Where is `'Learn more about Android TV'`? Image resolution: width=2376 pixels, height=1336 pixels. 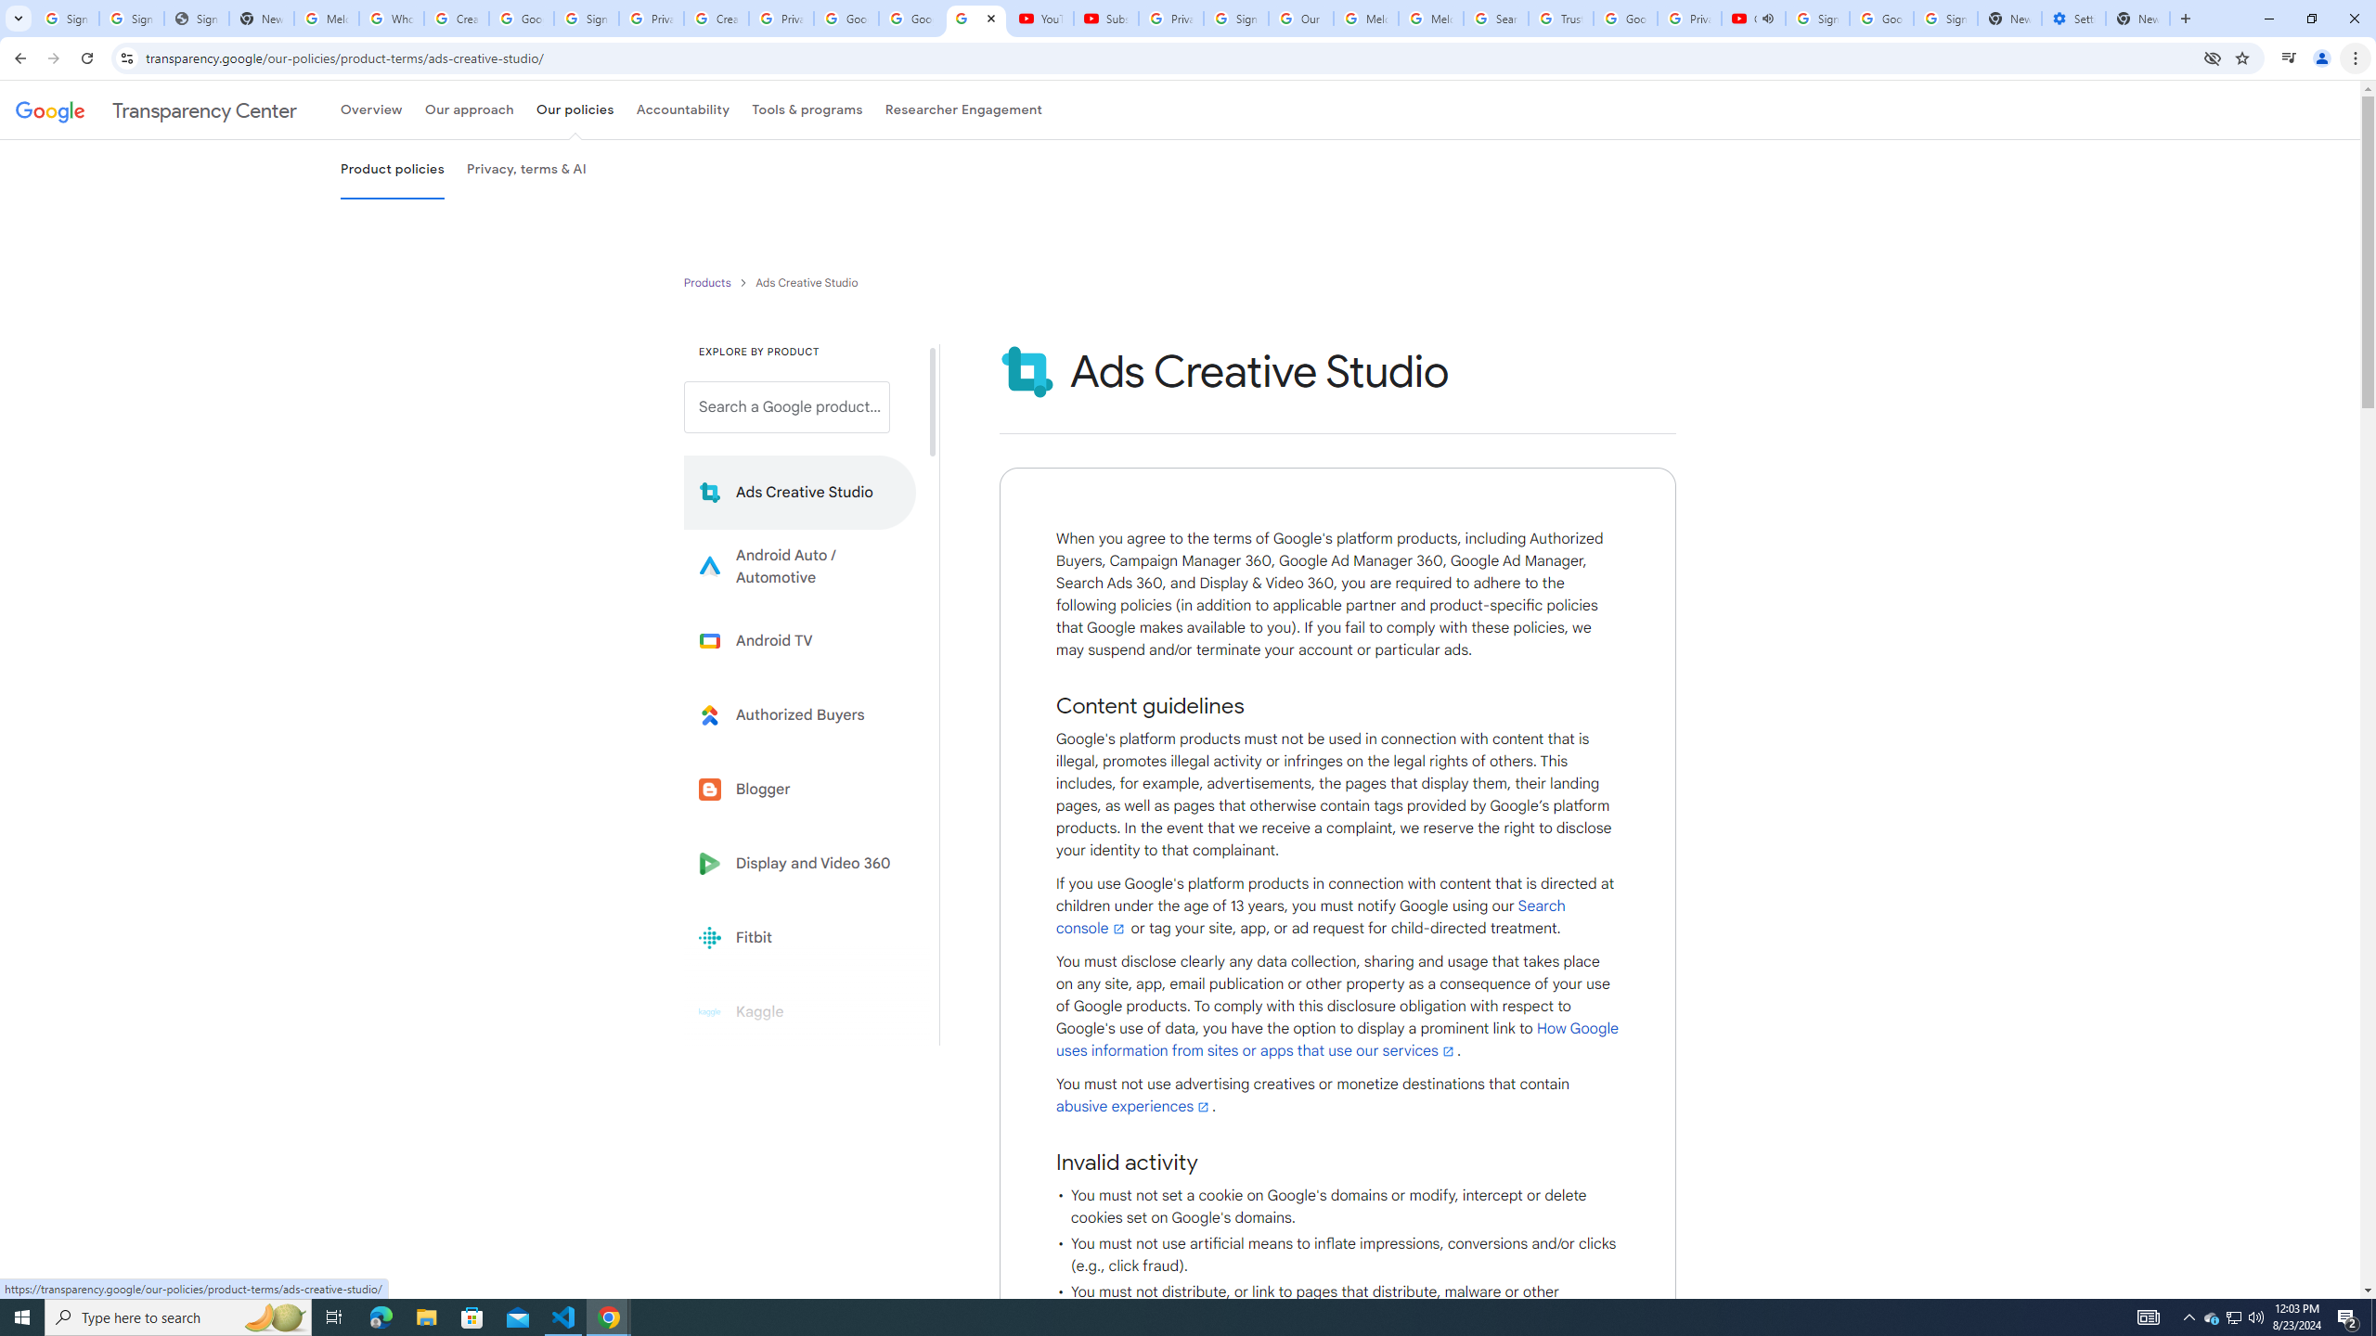 'Learn more about Android TV' is located at coordinates (799, 640).